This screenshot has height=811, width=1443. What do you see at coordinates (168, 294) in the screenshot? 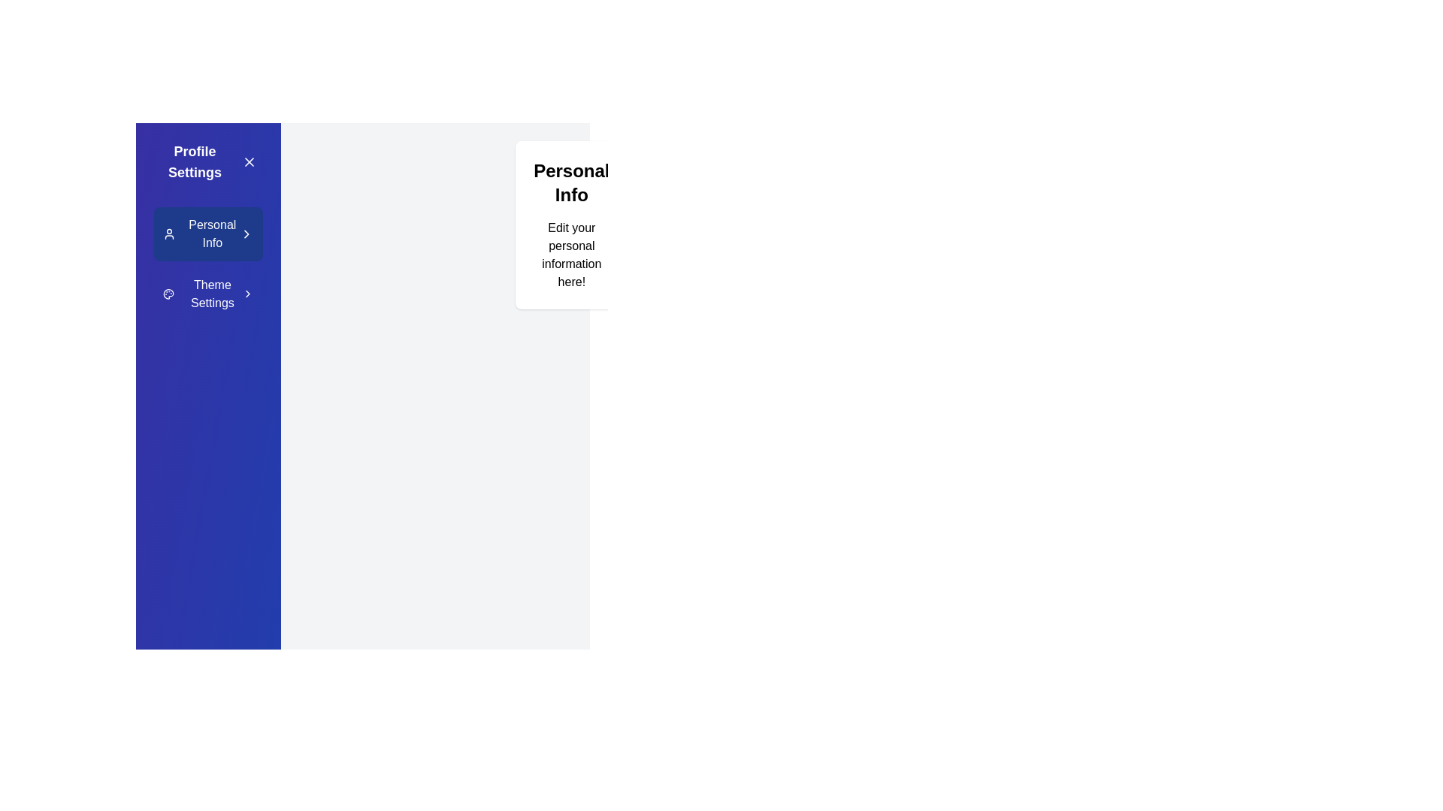
I see `the palette icon located in the left sidebar under the 'Theme Settings' menu item, below 'Personal Info'` at bounding box center [168, 294].